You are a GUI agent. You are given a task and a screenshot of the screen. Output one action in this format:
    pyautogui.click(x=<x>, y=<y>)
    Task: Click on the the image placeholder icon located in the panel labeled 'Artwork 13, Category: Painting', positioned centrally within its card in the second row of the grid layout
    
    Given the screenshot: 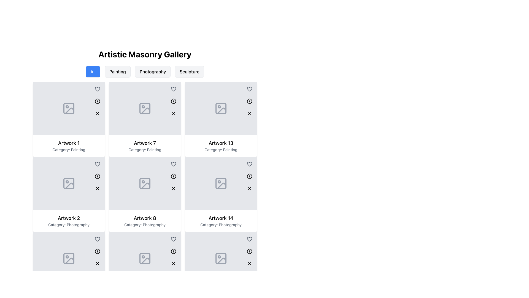 What is the action you would take?
    pyautogui.click(x=221, y=108)
    